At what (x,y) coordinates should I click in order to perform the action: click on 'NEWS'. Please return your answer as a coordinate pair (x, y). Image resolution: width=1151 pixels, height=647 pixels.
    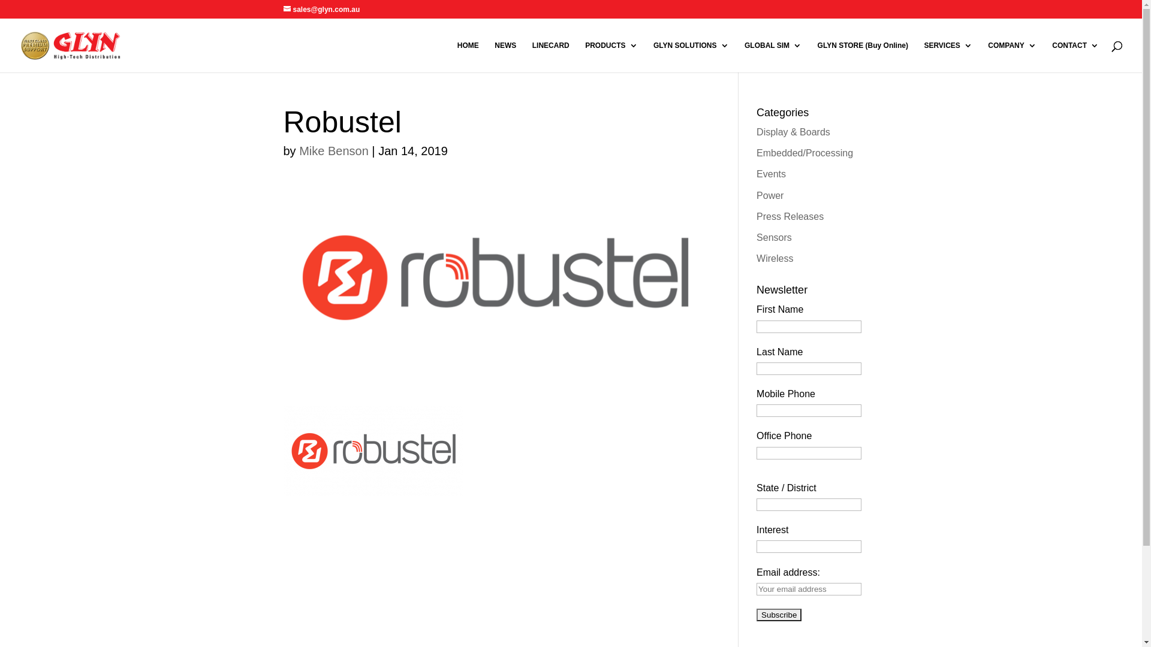
    Looking at the image, I should click on (505, 57).